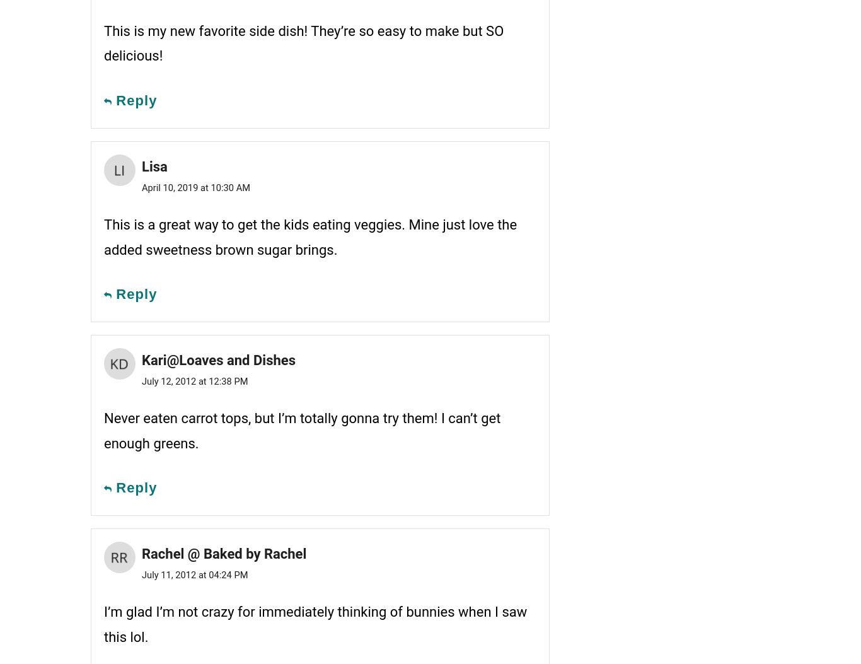  I want to click on 'Rachel @ Baked by Rachel', so click(223, 554).